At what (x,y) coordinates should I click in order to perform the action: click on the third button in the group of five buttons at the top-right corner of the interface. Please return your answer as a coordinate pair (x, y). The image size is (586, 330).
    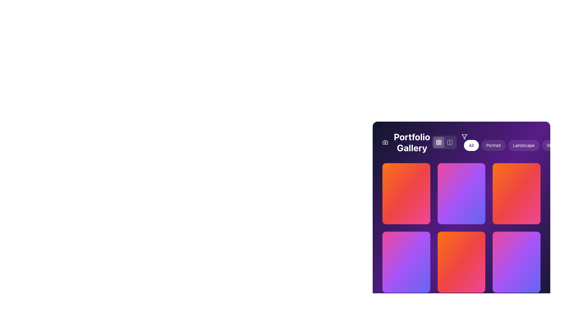
    Looking at the image, I should click on (523, 145).